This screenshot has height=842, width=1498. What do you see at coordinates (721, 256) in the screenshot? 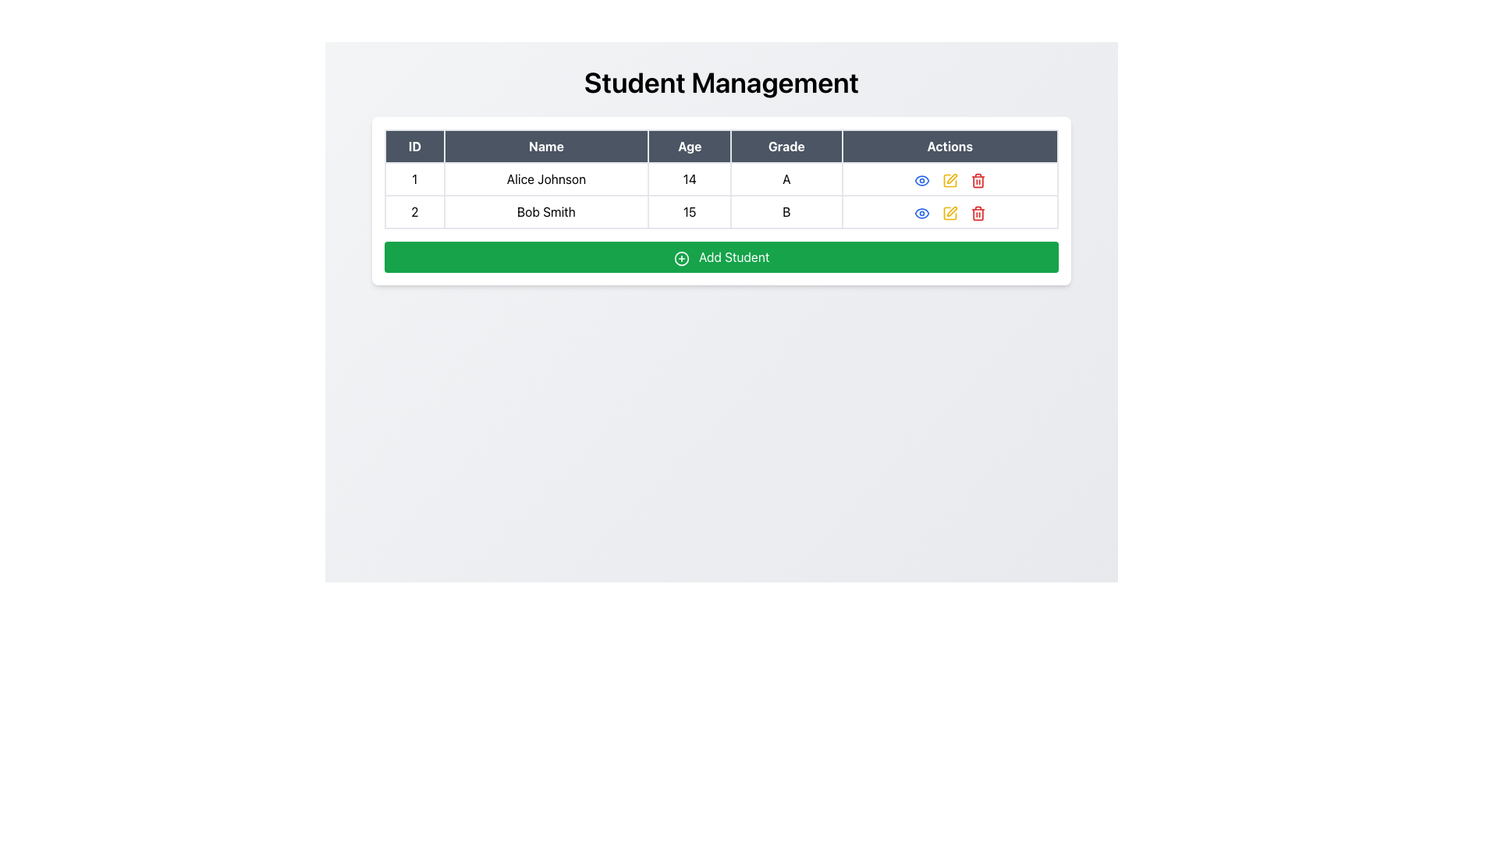
I see `the green button labeled 'Add Student' located below the table of students` at bounding box center [721, 256].